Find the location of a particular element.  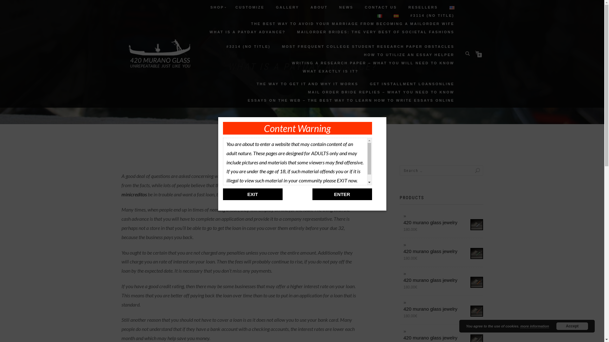

'MOST FREQUENT COLLEGE STUDENT RESEARCH PAPER OBSTACLES' is located at coordinates (368, 46).